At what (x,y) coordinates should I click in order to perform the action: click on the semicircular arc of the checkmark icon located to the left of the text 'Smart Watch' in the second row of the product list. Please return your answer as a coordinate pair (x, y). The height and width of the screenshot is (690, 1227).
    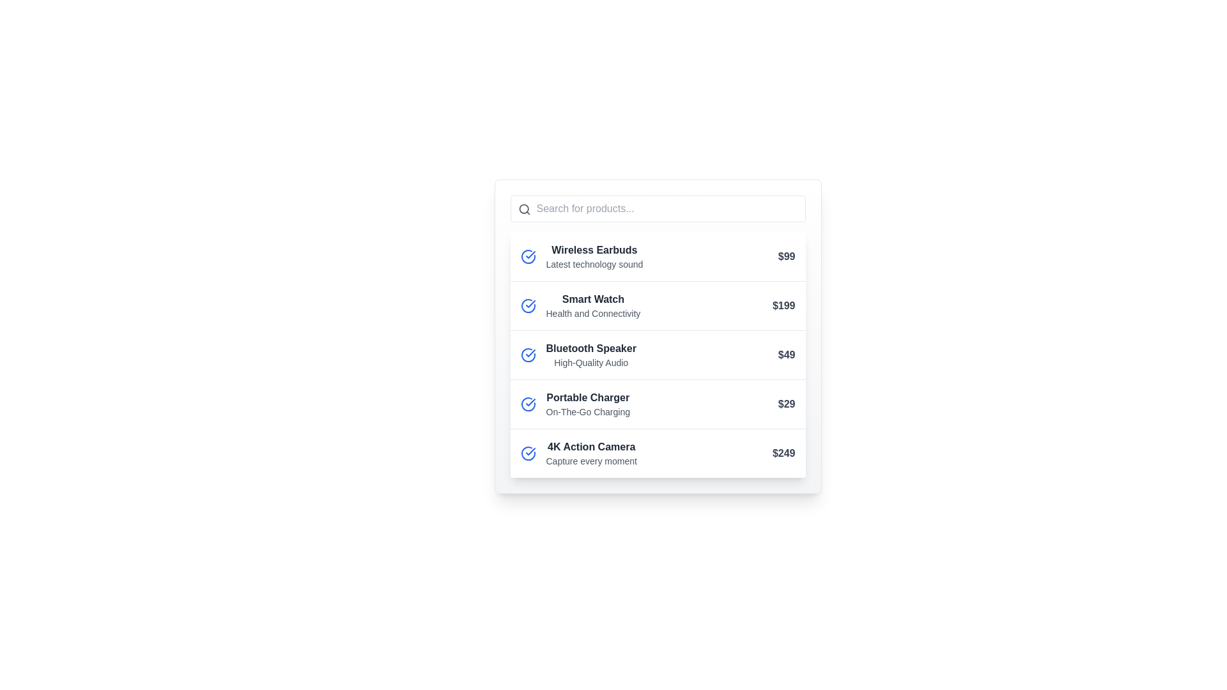
    Looking at the image, I should click on (528, 305).